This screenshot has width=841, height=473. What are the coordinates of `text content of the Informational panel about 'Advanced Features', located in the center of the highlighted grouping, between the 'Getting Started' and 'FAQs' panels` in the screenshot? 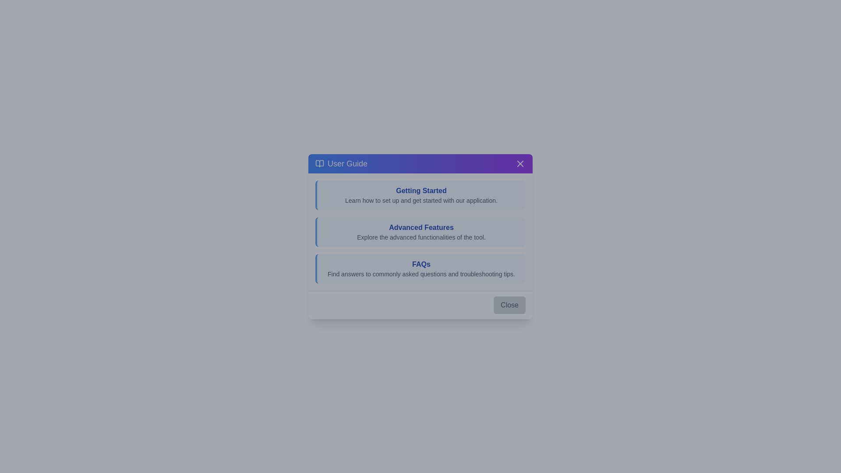 It's located at (420, 231).